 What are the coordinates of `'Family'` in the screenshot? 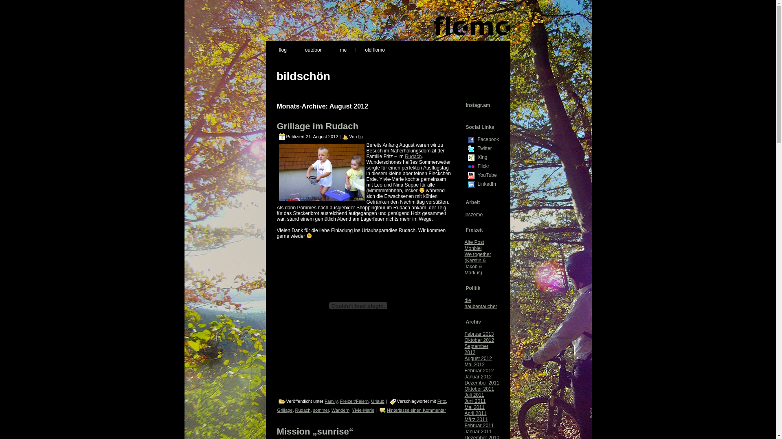 It's located at (331, 401).